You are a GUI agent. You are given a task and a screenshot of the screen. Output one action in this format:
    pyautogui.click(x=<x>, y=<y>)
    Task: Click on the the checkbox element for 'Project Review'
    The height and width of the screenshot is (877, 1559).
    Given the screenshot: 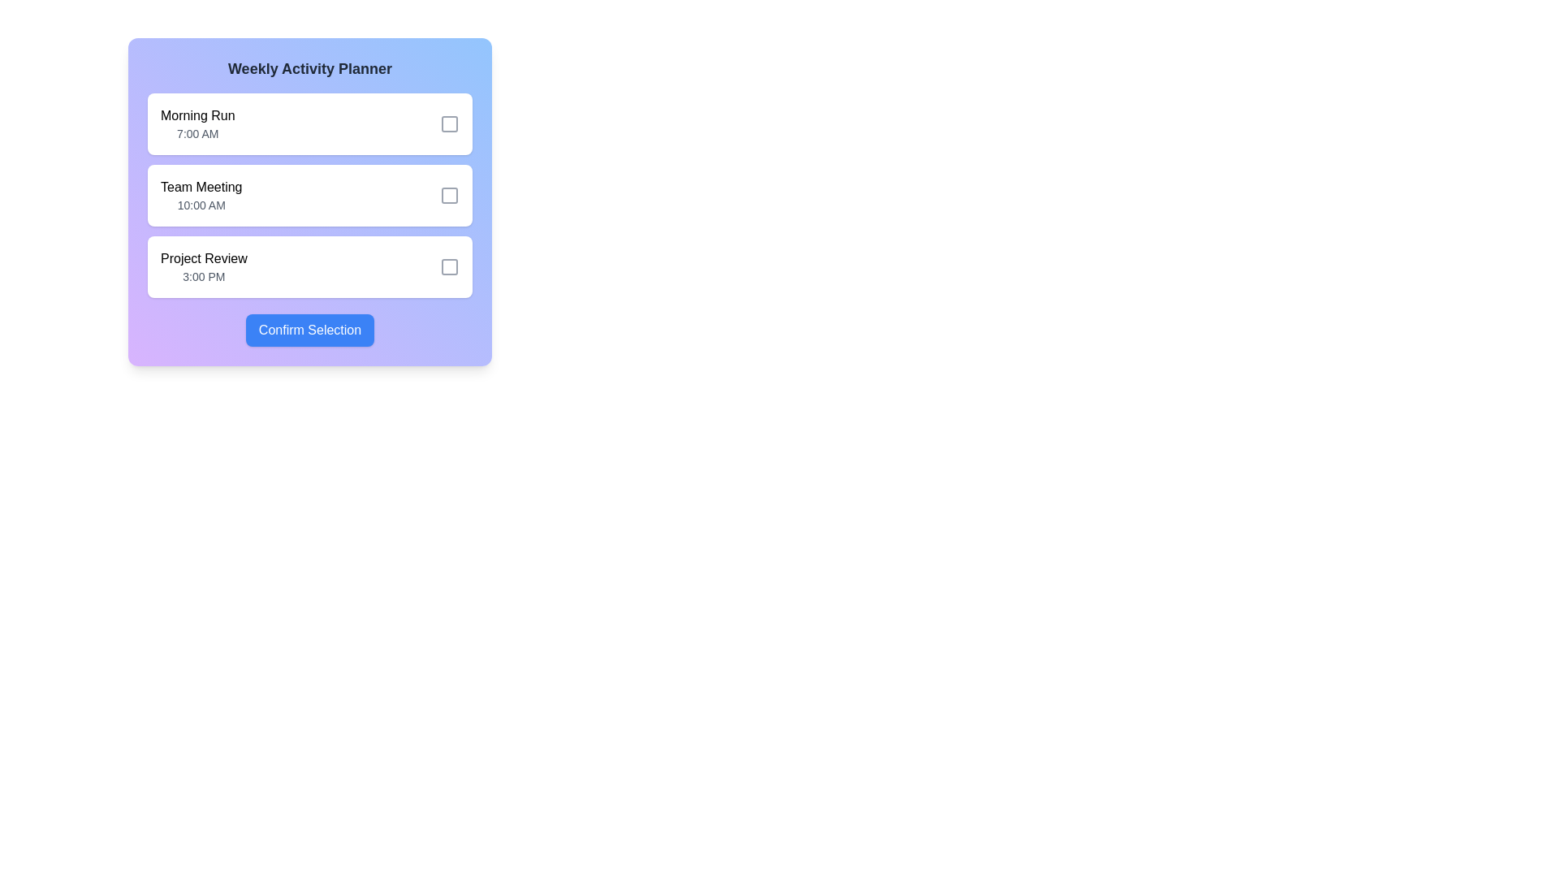 What is the action you would take?
    pyautogui.click(x=449, y=266)
    